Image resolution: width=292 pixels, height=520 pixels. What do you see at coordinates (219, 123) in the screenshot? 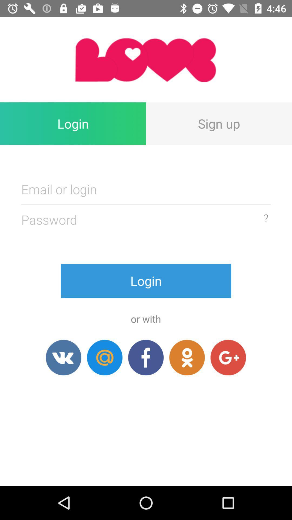
I see `the sign up icon` at bounding box center [219, 123].